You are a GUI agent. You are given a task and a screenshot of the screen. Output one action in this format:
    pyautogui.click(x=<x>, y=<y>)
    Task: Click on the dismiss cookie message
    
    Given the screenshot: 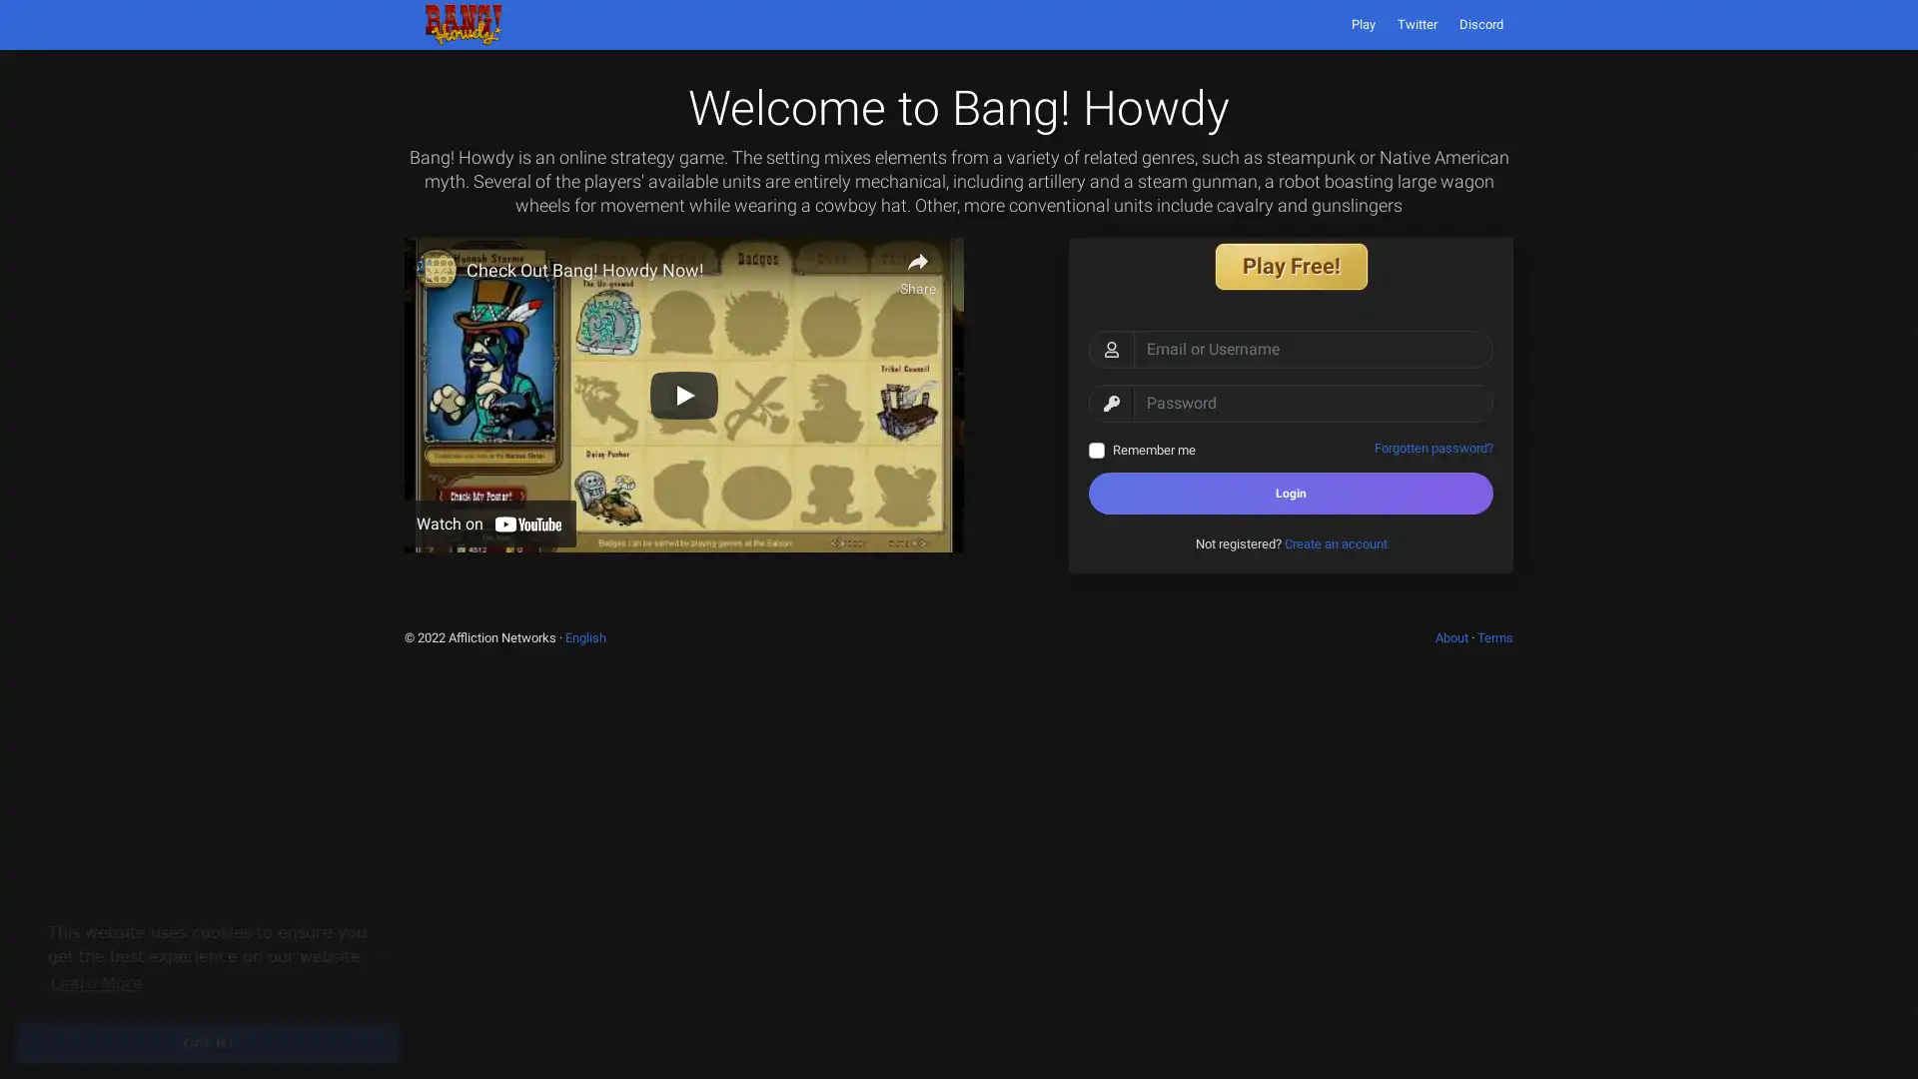 What is the action you would take?
    pyautogui.click(x=207, y=1042)
    